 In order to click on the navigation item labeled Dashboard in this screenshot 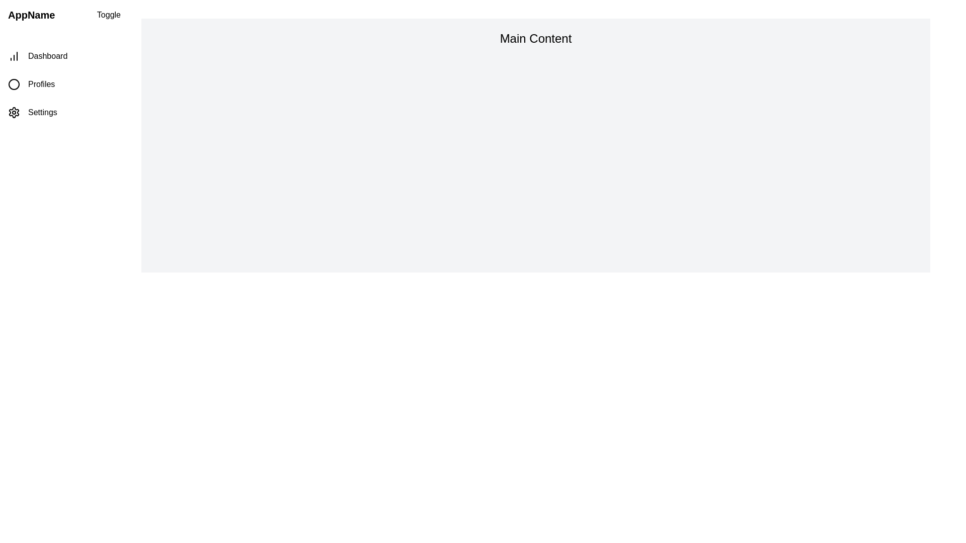, I will do `click(64, 56)`.